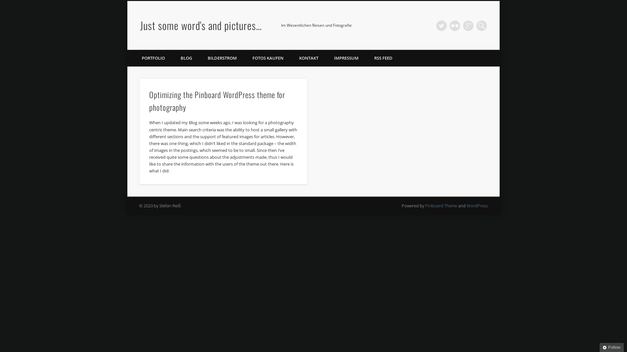  Describe the element at coordinates (466, 206) in the screenshot. I see `'WordPress'` at that location.